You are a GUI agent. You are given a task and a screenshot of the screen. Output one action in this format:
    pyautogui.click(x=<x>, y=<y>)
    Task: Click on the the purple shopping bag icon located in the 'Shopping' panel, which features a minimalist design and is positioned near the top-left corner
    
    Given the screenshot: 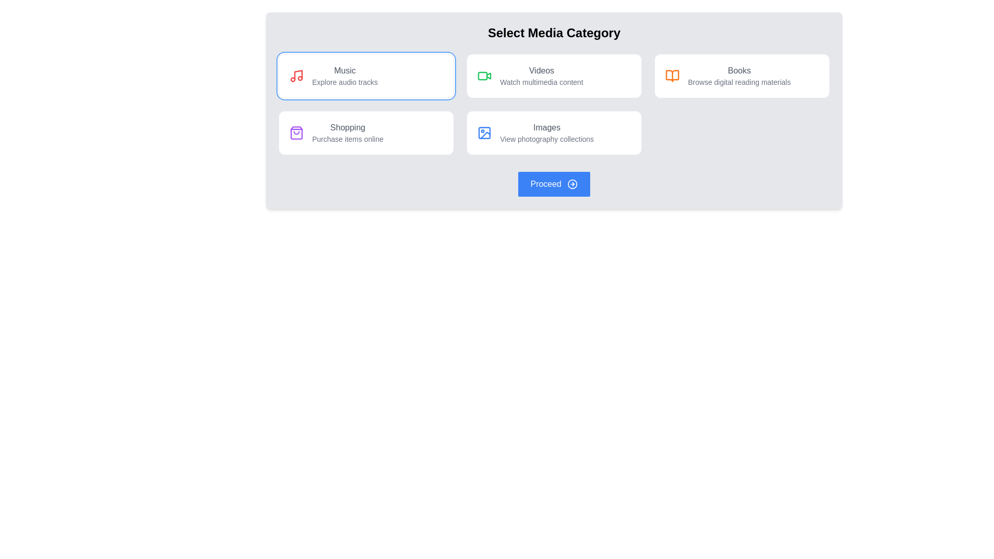 What is the action you would take?
    pyautogui.click(x=296, y=133)
    